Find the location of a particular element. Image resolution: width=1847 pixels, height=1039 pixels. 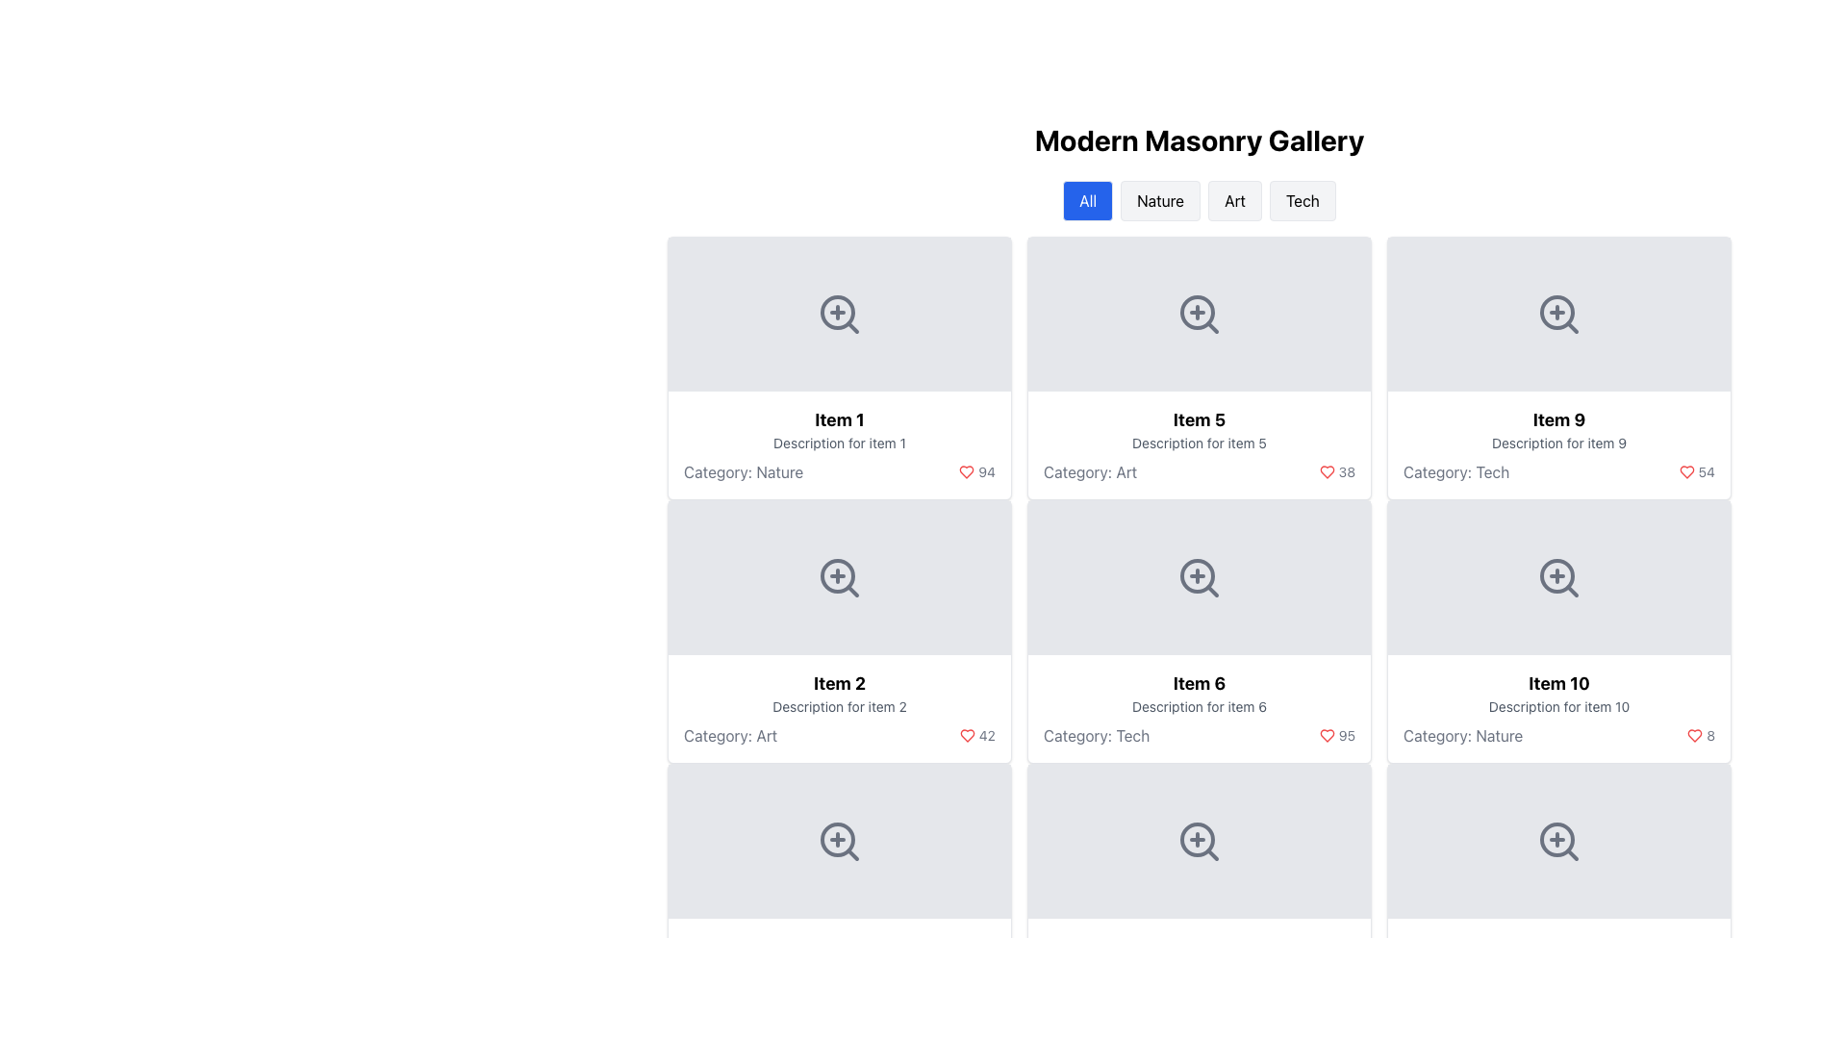

the red heart icon located to the right of the like counter '8' associated with 'Item 10' is located at coordinates (1695, 735).